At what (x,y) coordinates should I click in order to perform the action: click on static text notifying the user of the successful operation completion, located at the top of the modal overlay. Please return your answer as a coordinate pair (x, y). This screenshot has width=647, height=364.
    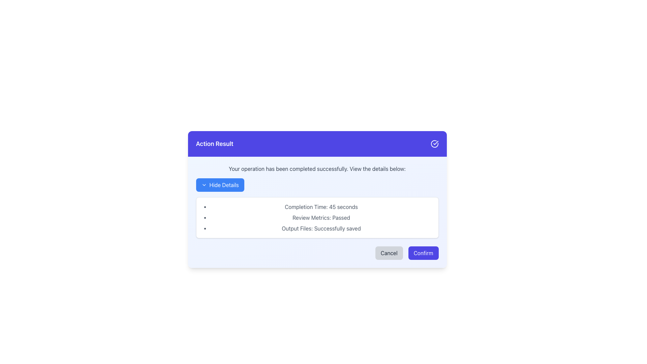
    Looking at the image, I should click on (317, 169).